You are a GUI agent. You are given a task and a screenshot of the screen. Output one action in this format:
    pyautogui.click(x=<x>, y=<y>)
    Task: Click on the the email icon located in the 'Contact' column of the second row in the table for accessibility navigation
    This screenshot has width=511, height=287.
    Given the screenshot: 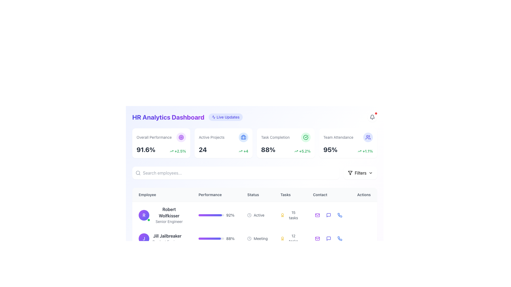 What is the action you would take?
    pyautogui.click(x=318, y=238)
    